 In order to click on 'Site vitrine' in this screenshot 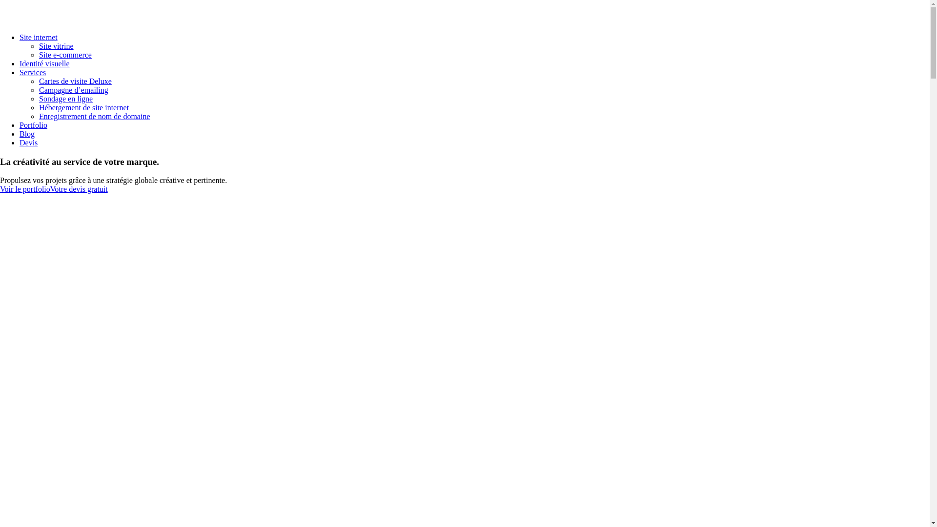, I will do `click(56, 46)`.